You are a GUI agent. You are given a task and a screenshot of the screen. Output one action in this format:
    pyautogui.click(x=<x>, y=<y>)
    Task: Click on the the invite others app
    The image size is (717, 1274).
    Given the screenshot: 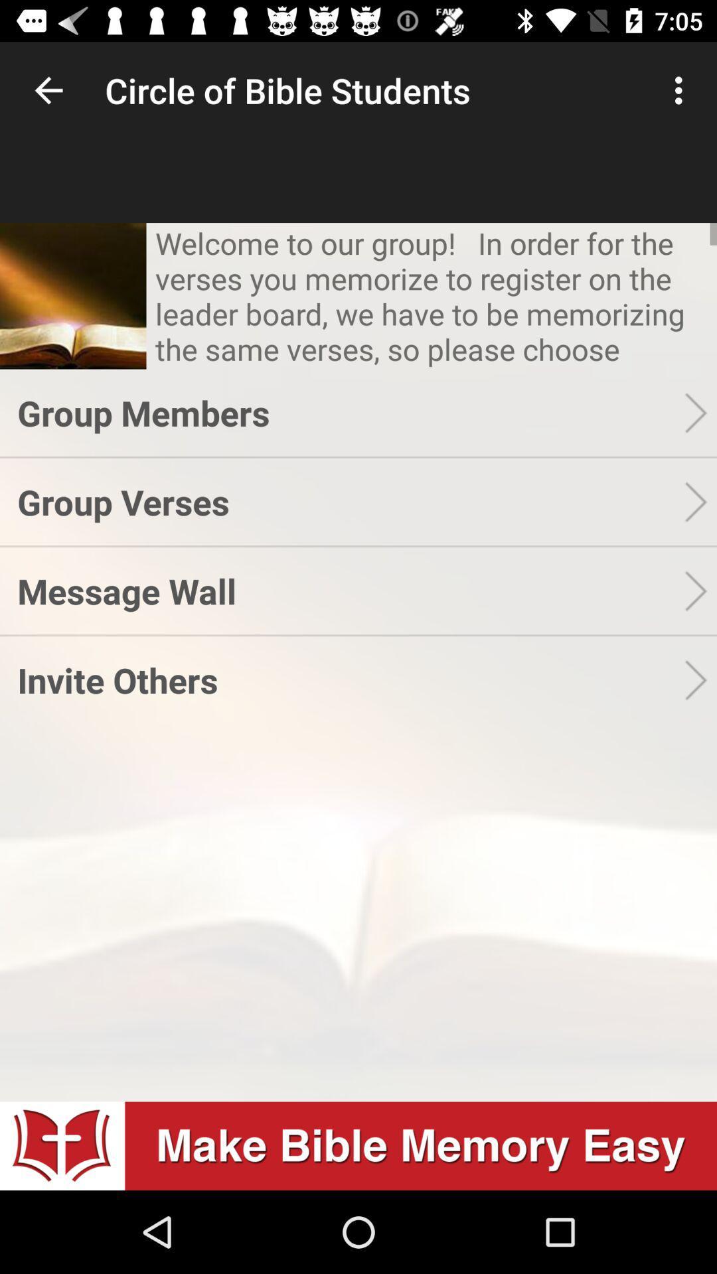 What is the action you would take?
    pyautogui.click(x=350, y=679)
    